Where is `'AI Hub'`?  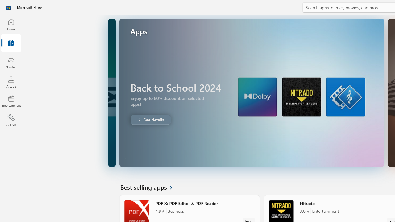 'AI Hub' is located at coordinates (11, 120).